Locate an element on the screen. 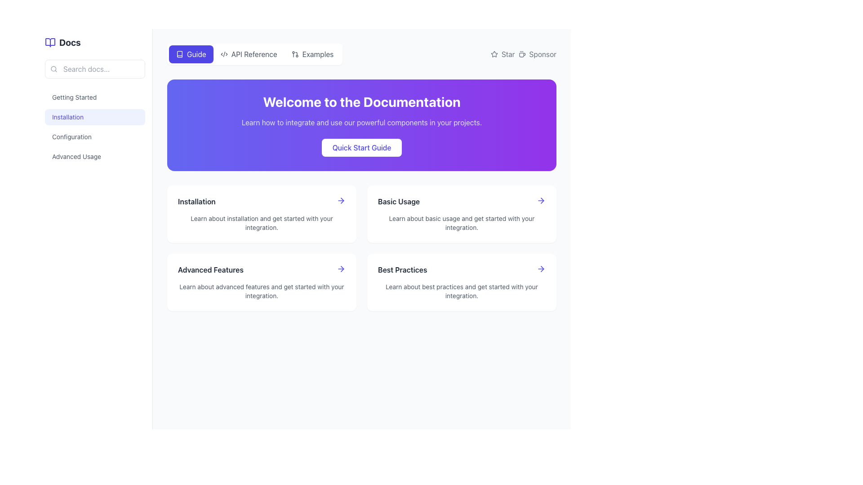  the text label that serves as the card title summarizing 'Best Practices' located in the bottom-right card of a grid layout is located at coordinates (402, 269).